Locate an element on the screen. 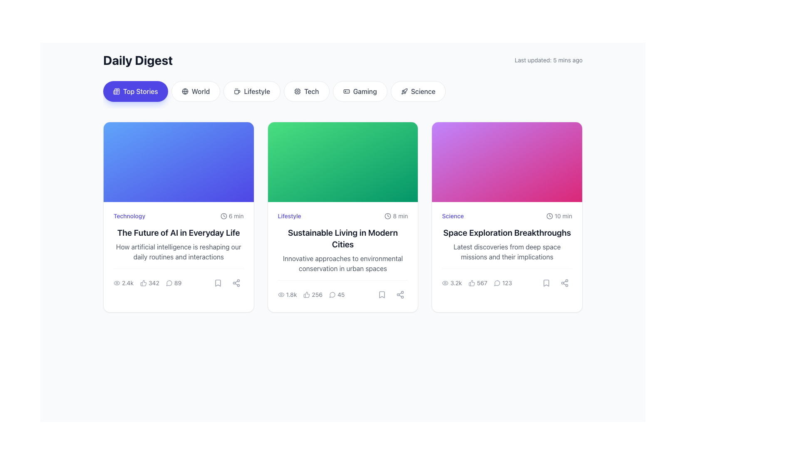 The width and height of the screenshot is (799, 449). the share button located in the lower-right corner of the 'Sustainable Living in Modern Cities' card is located at coordinates (400, 294).